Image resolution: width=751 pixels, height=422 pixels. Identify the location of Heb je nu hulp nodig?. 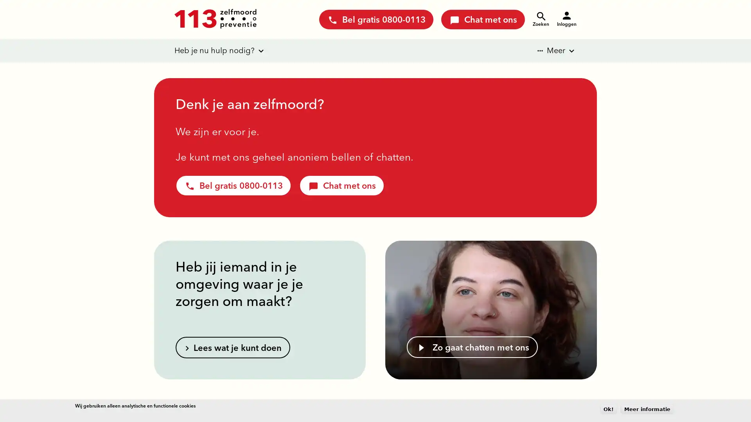
(214, 51).